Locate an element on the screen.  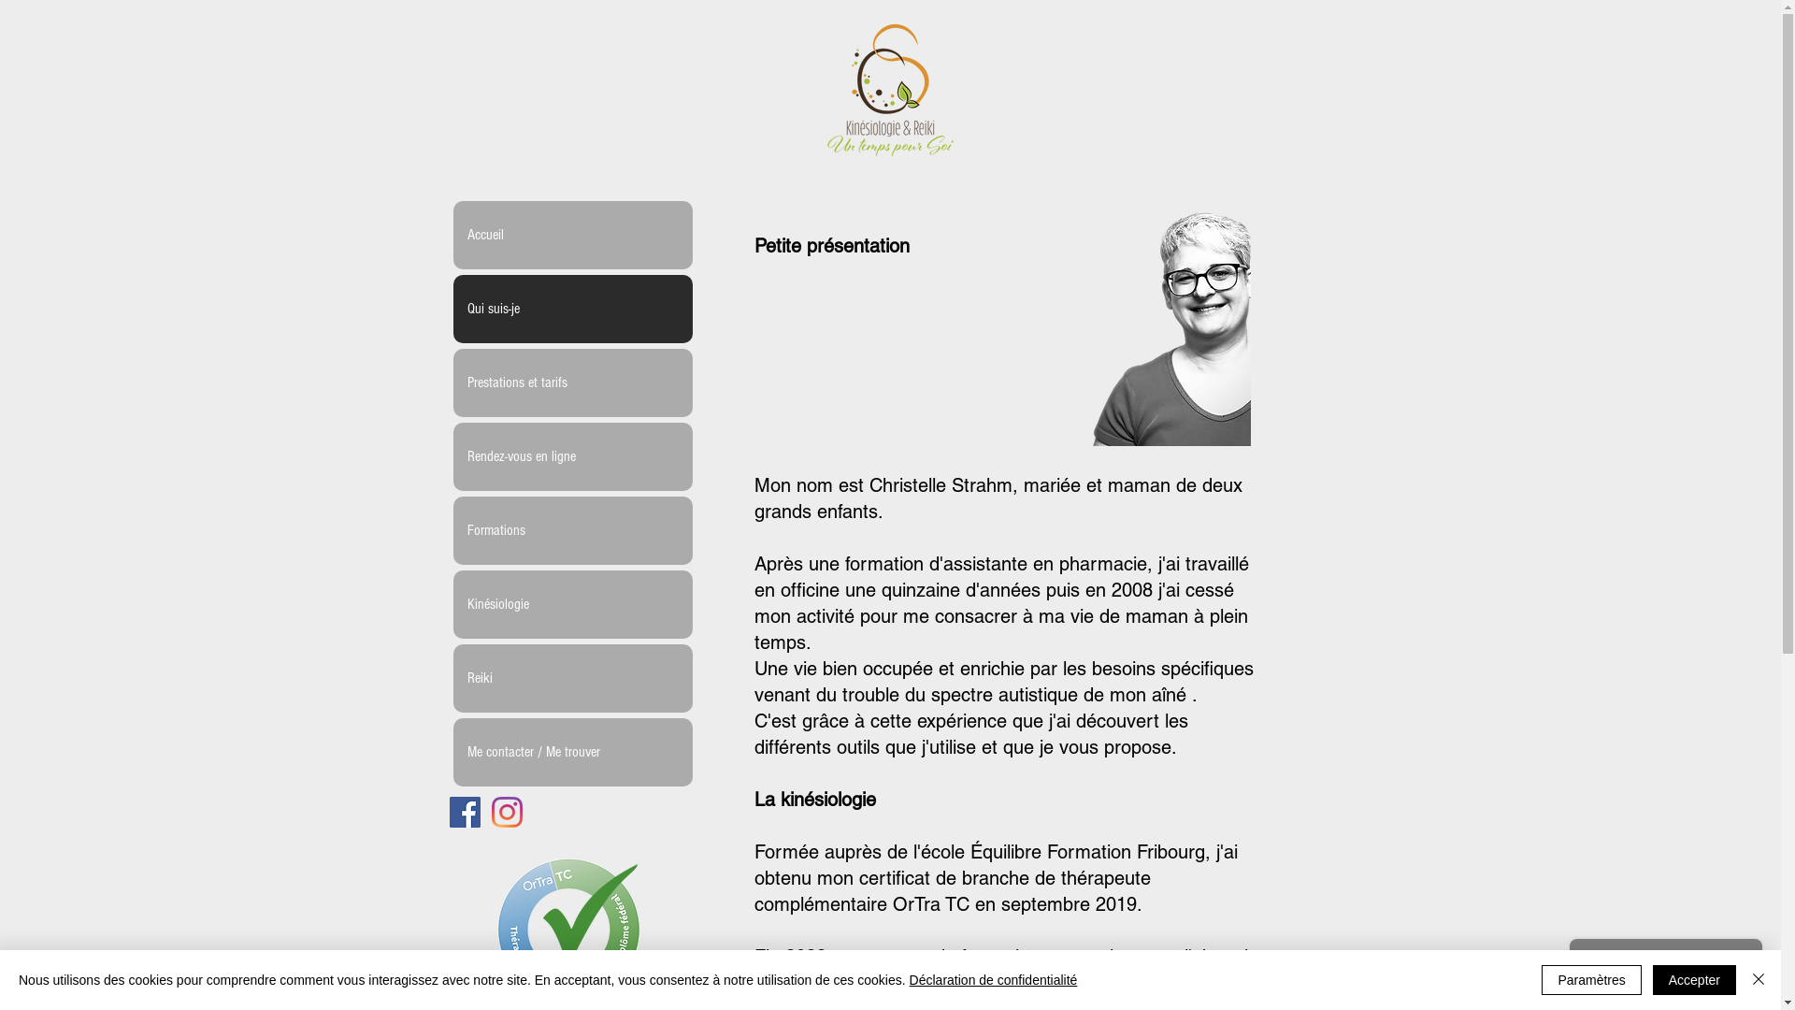
'Qui suis-je' is located at coordinates (452, 308).